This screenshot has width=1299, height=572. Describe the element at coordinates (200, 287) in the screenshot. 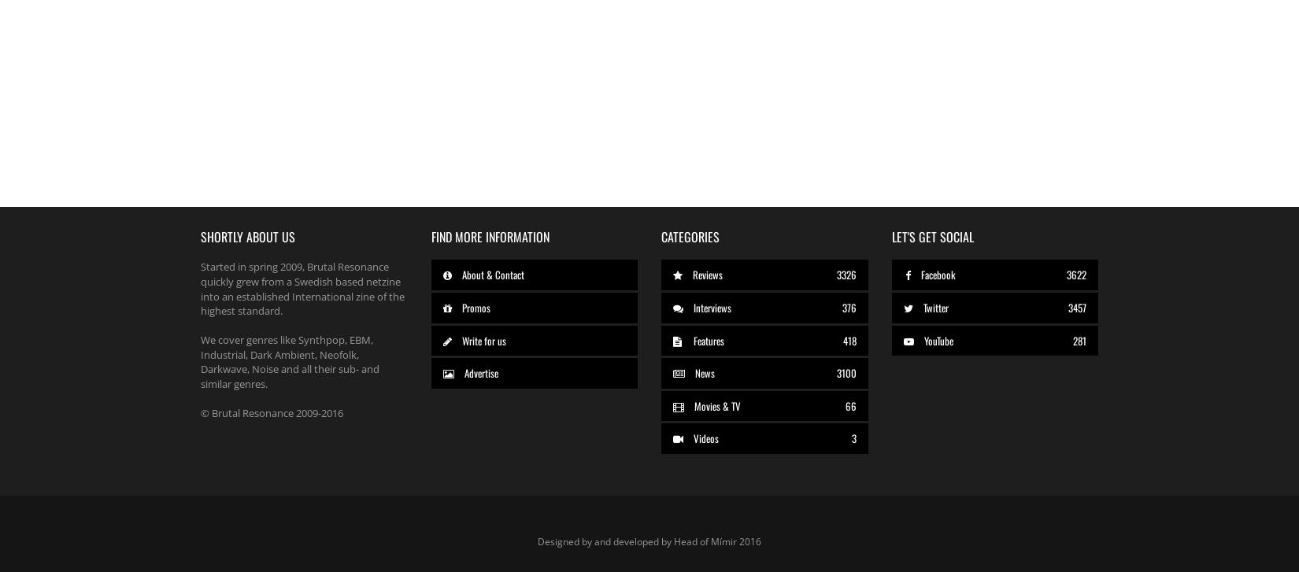

I see `'Started in spring 2009, Brutal Resonance quickly grew from a Swedish based netzine into an established International zine of the highest standard.'` at that location.